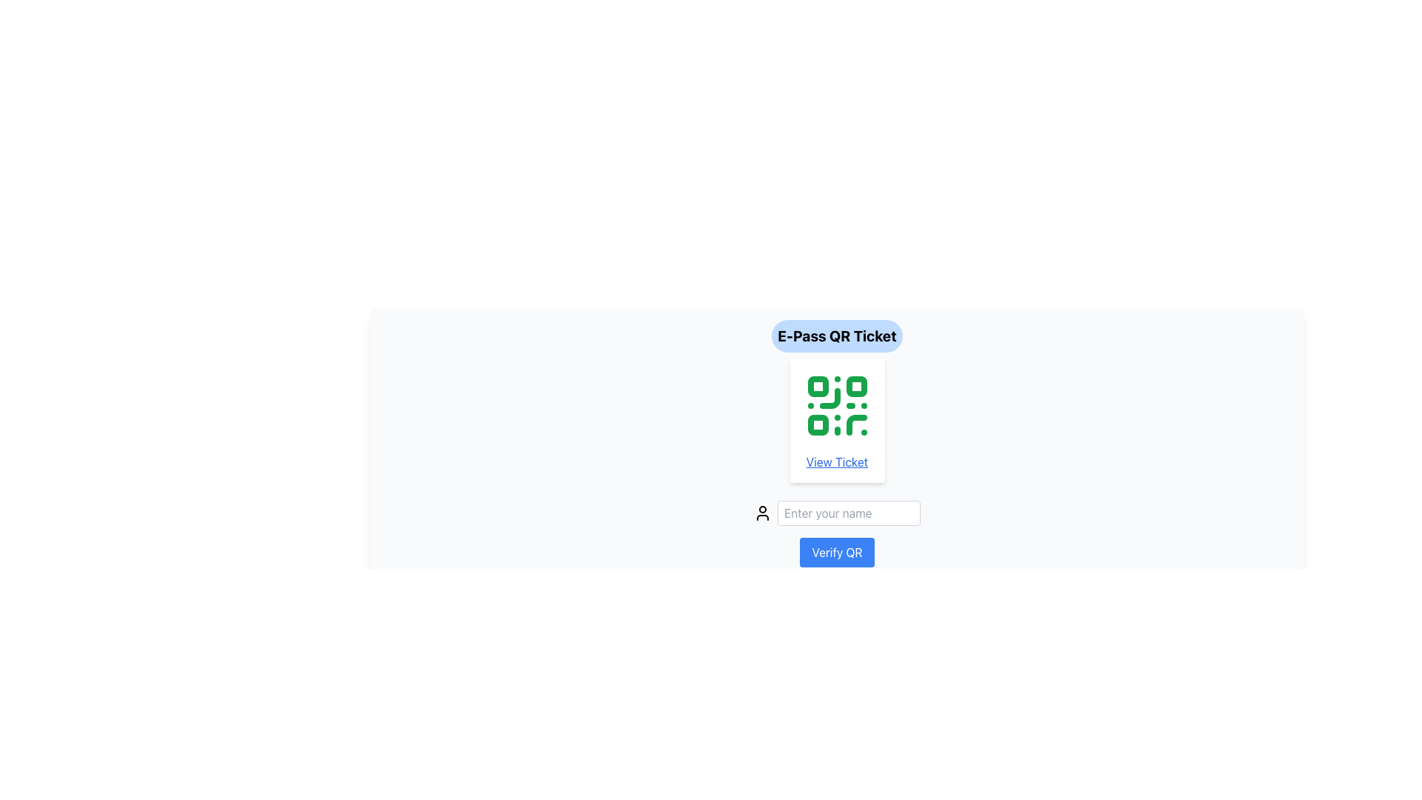  What do you see at coordinates (763, 513) in the screenshot?
I see `the user silhouette icon located to the left of the 'Enter your name' text input field` at bounding box center [763, 513].